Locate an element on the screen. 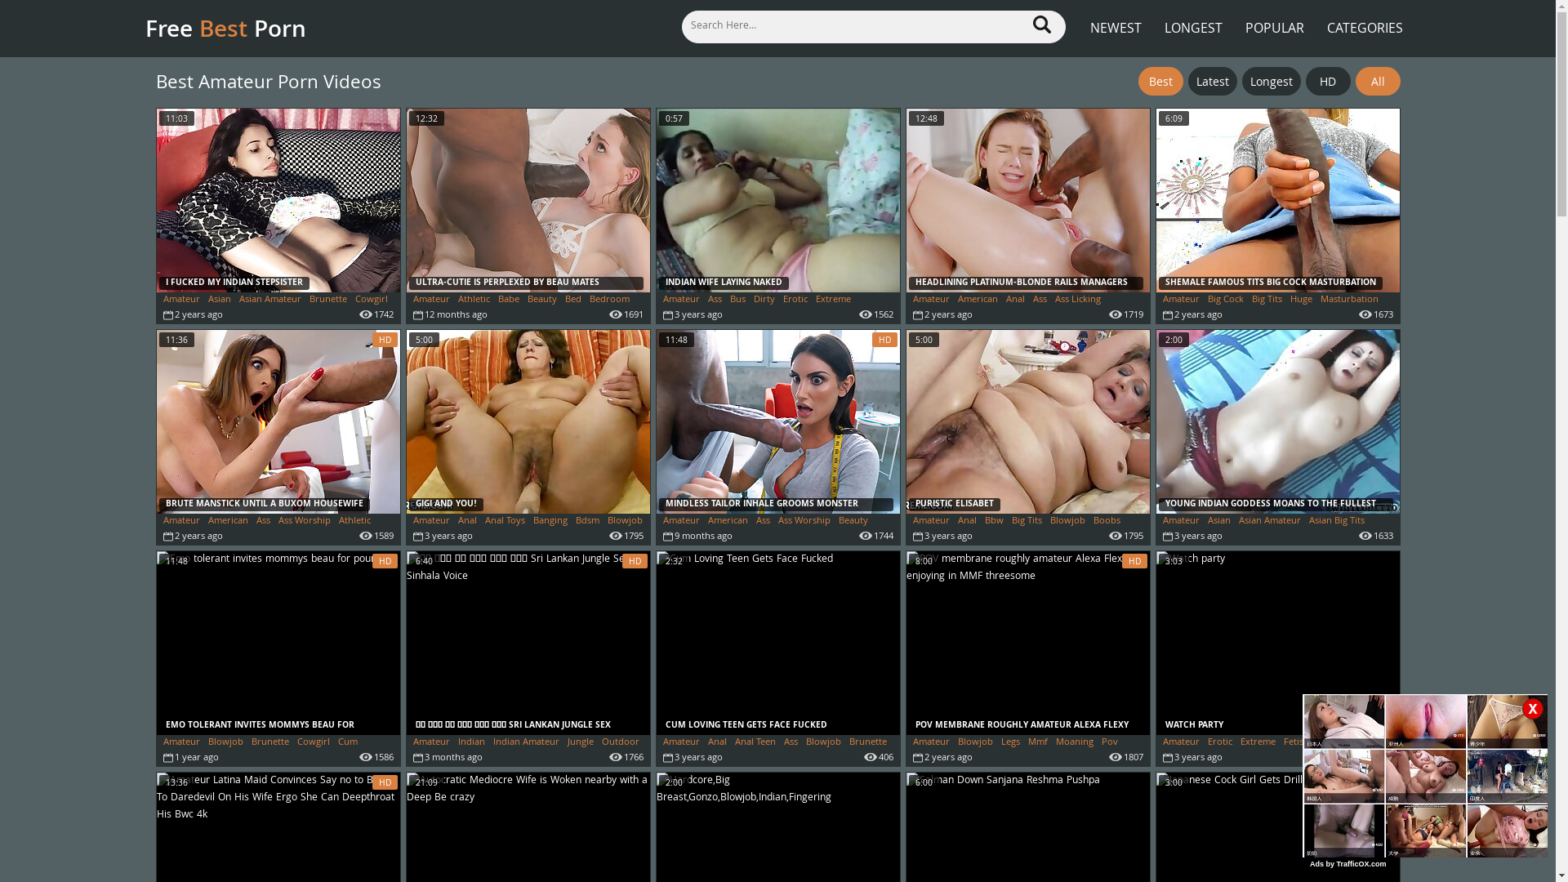 Image resolution: width=1568 pixels, height=882 pixels. 'Blowjob' is located at coordinates (624, 521).